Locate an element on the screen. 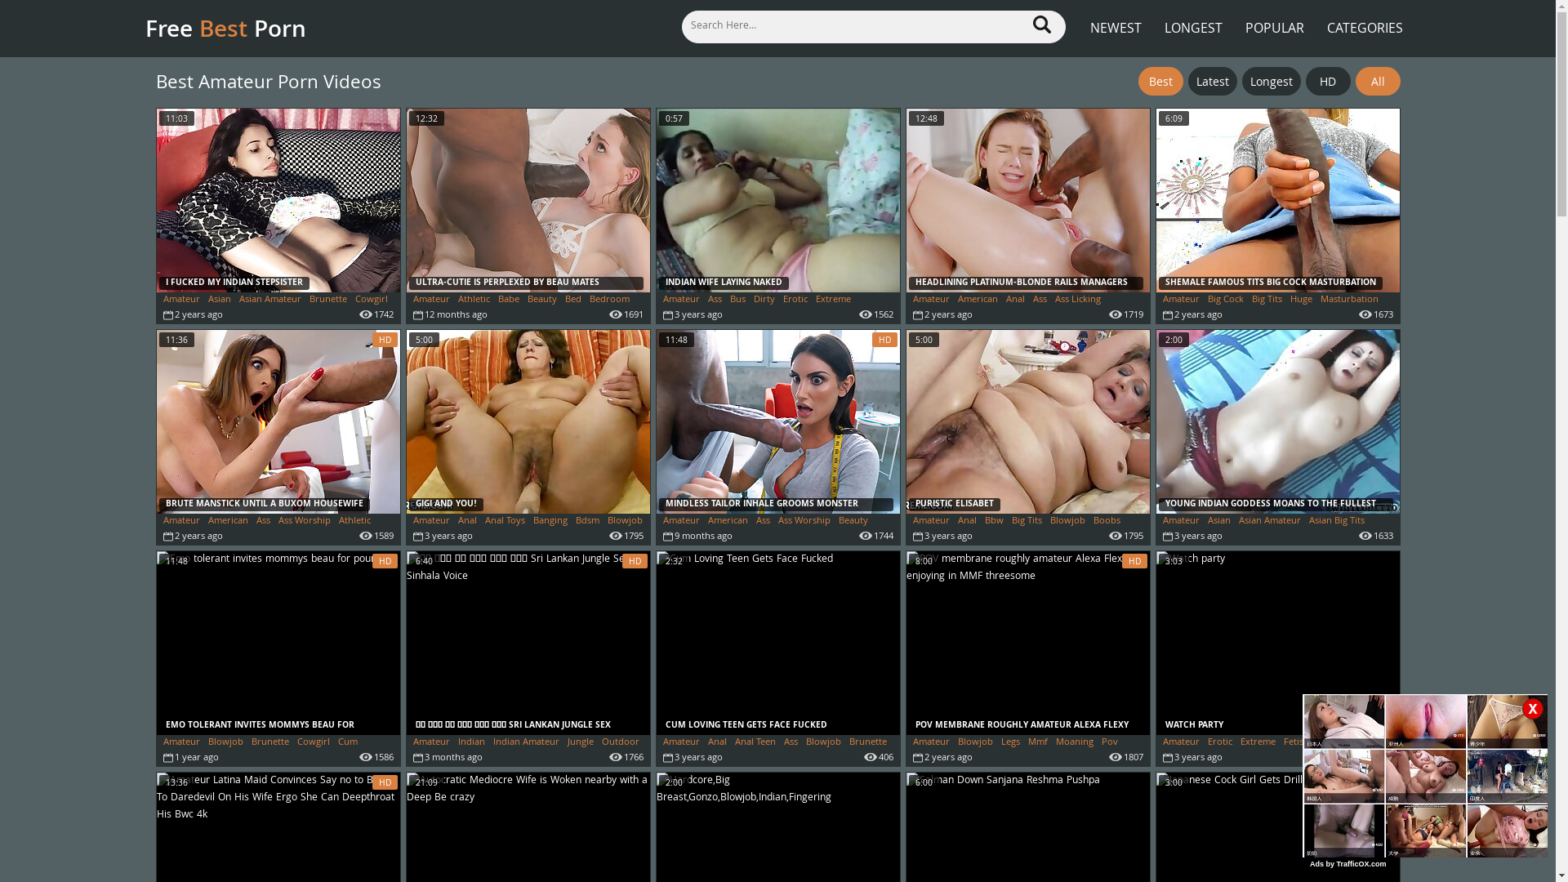 Image resolution: width=1568 pixels, height=882 pixels. 'Blowjob' is located at coordinates (624, 521).